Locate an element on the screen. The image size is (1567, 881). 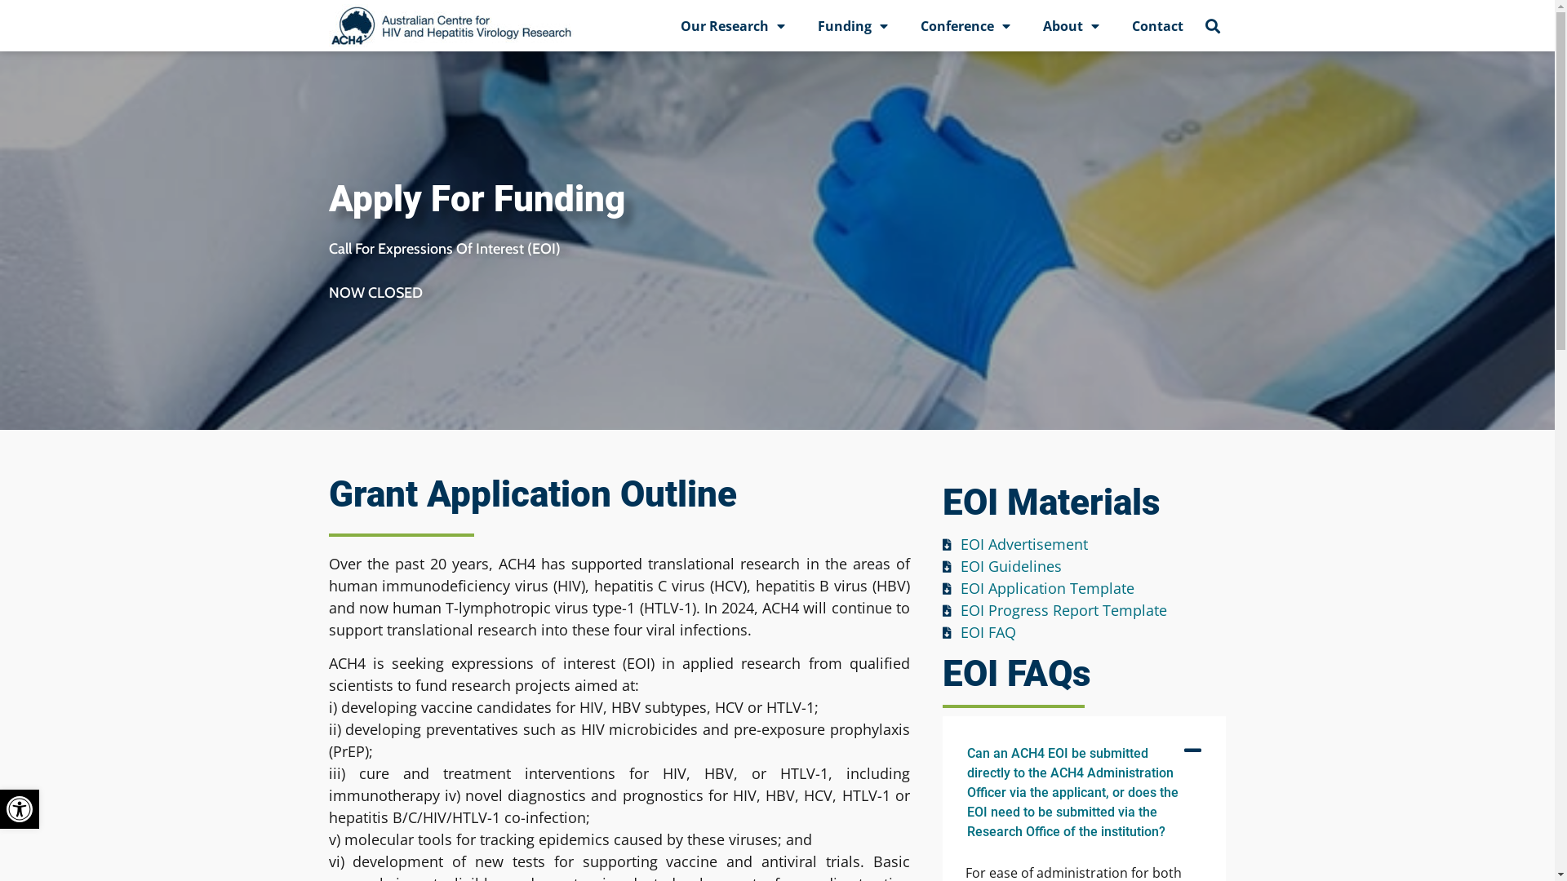
'Contact' is located at coordinates (1114, 25).